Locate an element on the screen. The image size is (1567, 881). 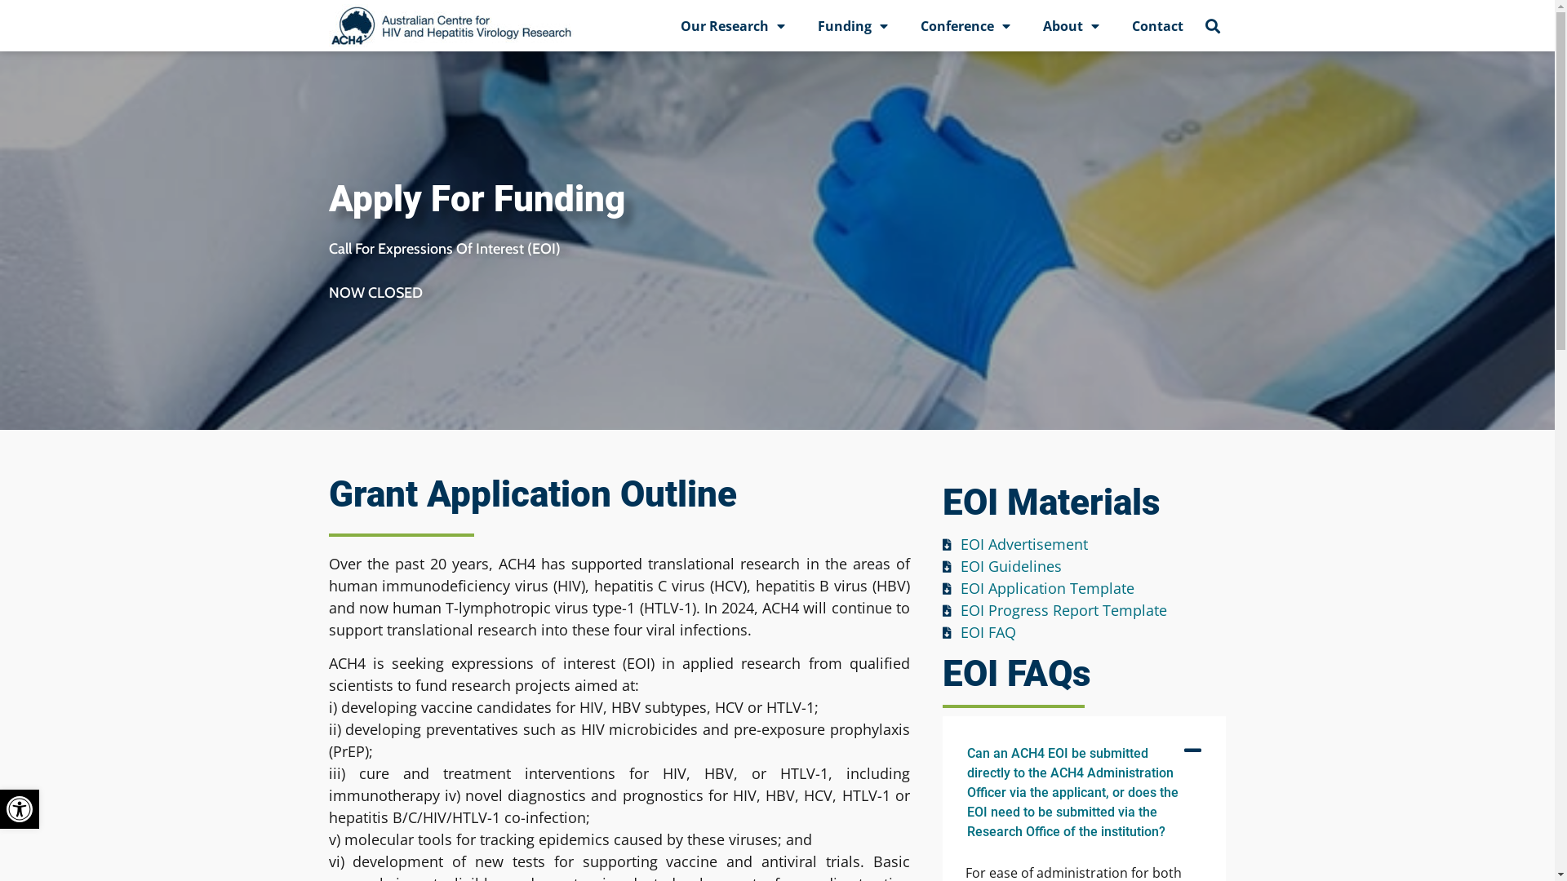
'Contact' is located at coordinates (1114, 25).